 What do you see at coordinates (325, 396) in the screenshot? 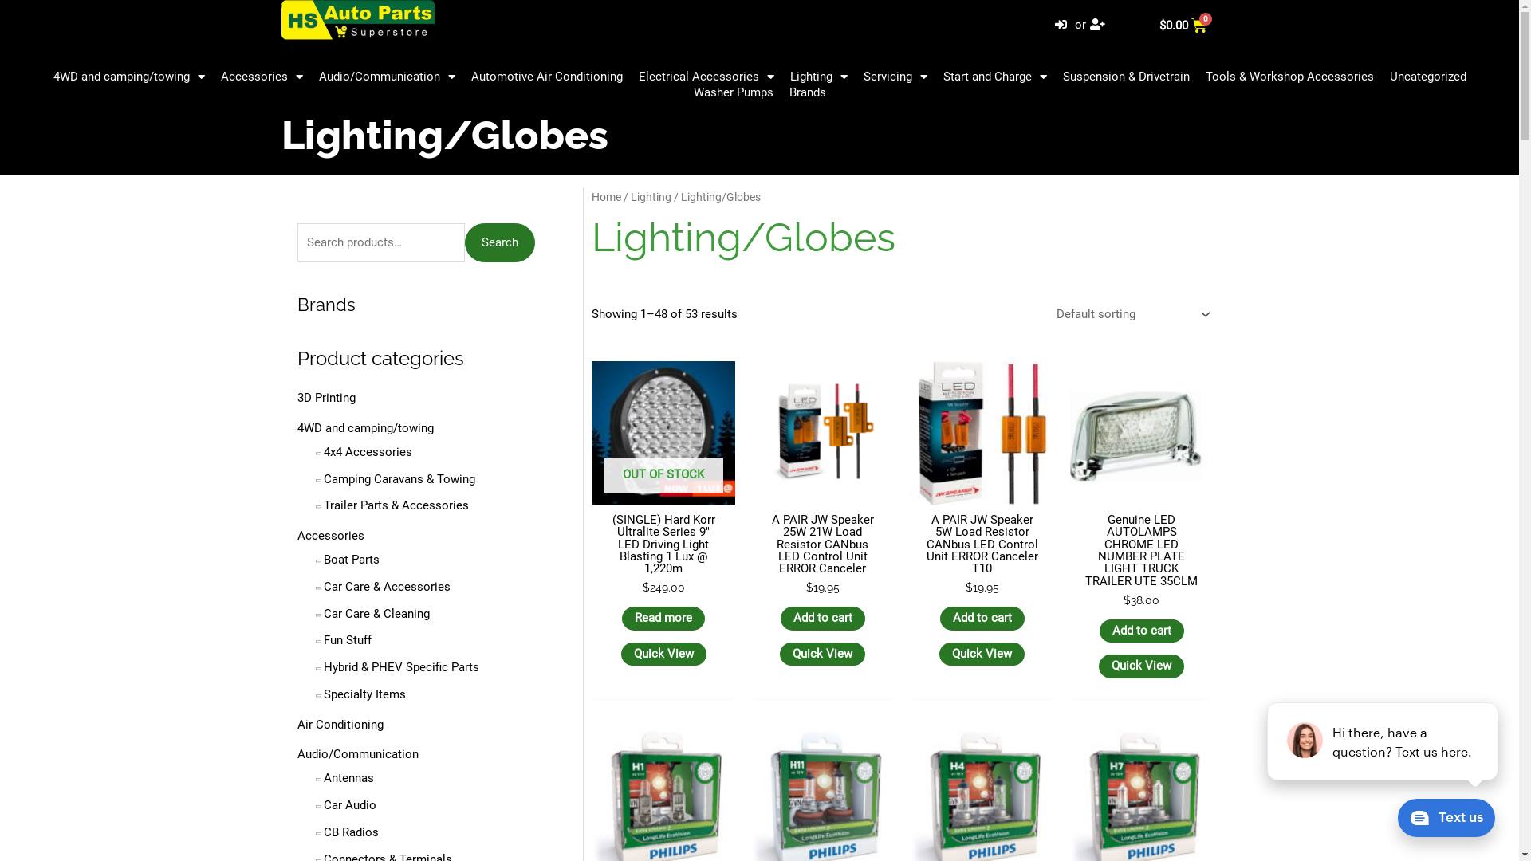
I see `'3D Printing'` at bounding box center [325, 396].